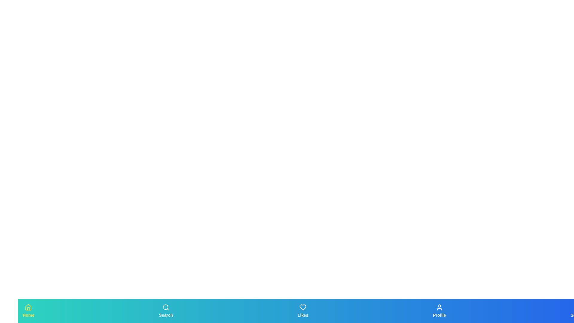  Describe the element at coordinates (303, 311) in the screenshot. I see `the tab labeled Likes to navigate to it` at that location.